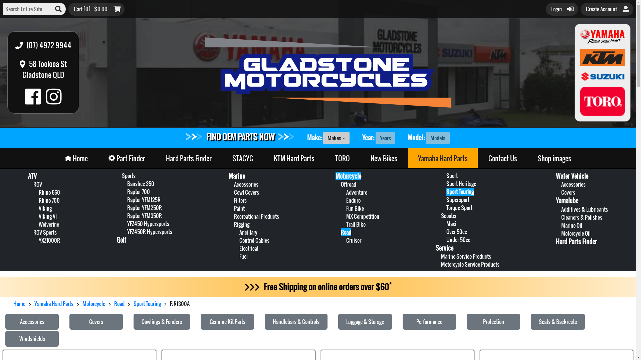  What do you see at coordinates (114, 303) in the screenshot?
I see `'Road'` at bounding box center [114, 303].